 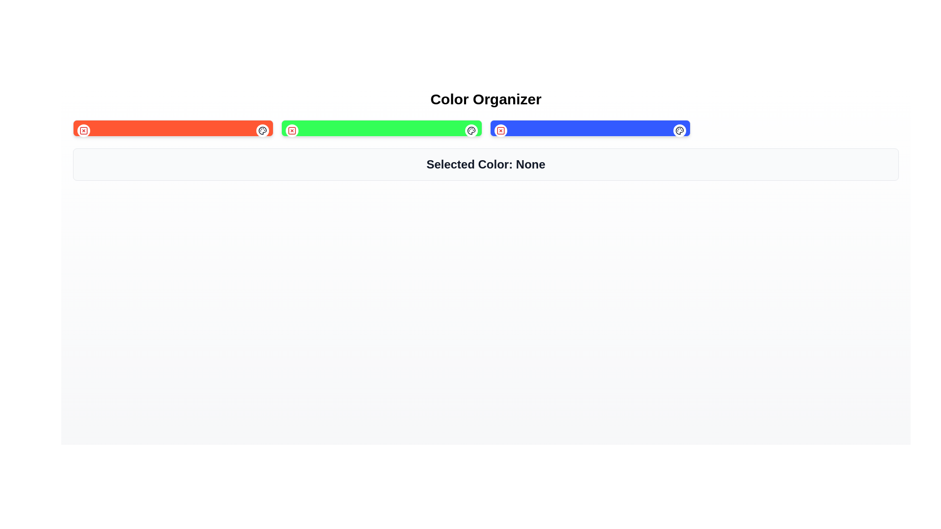 I want to click on the close or delete icon located on the left side of the green section, aligned horizontally with other icons above the label 'Selected Color: None', so click(x=292, y=130).